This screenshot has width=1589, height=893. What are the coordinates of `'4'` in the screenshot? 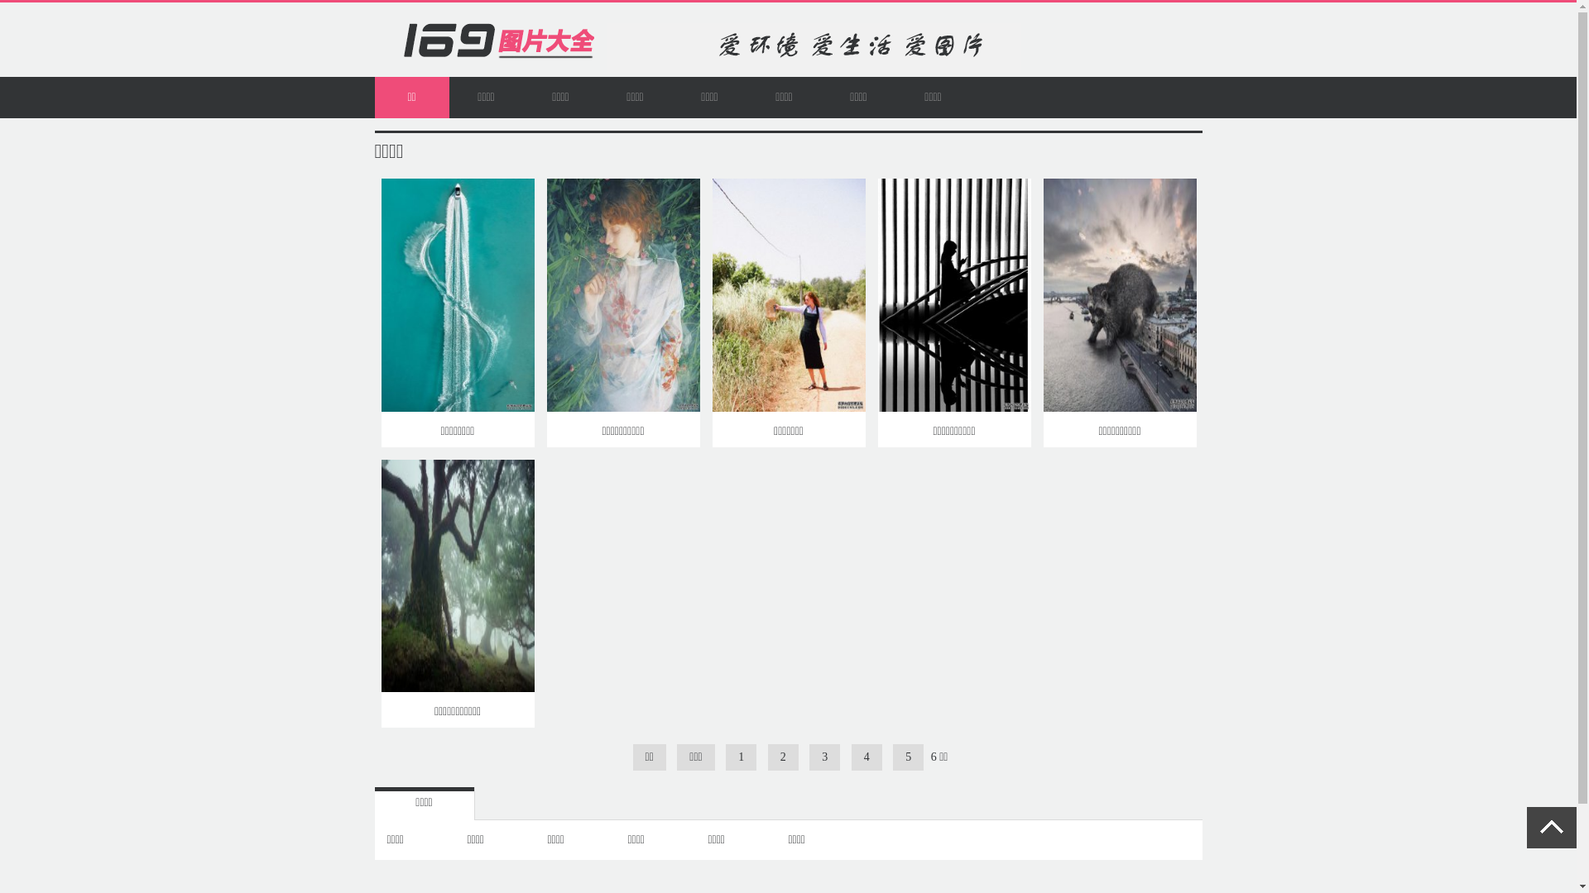 It's located at (866, 757).